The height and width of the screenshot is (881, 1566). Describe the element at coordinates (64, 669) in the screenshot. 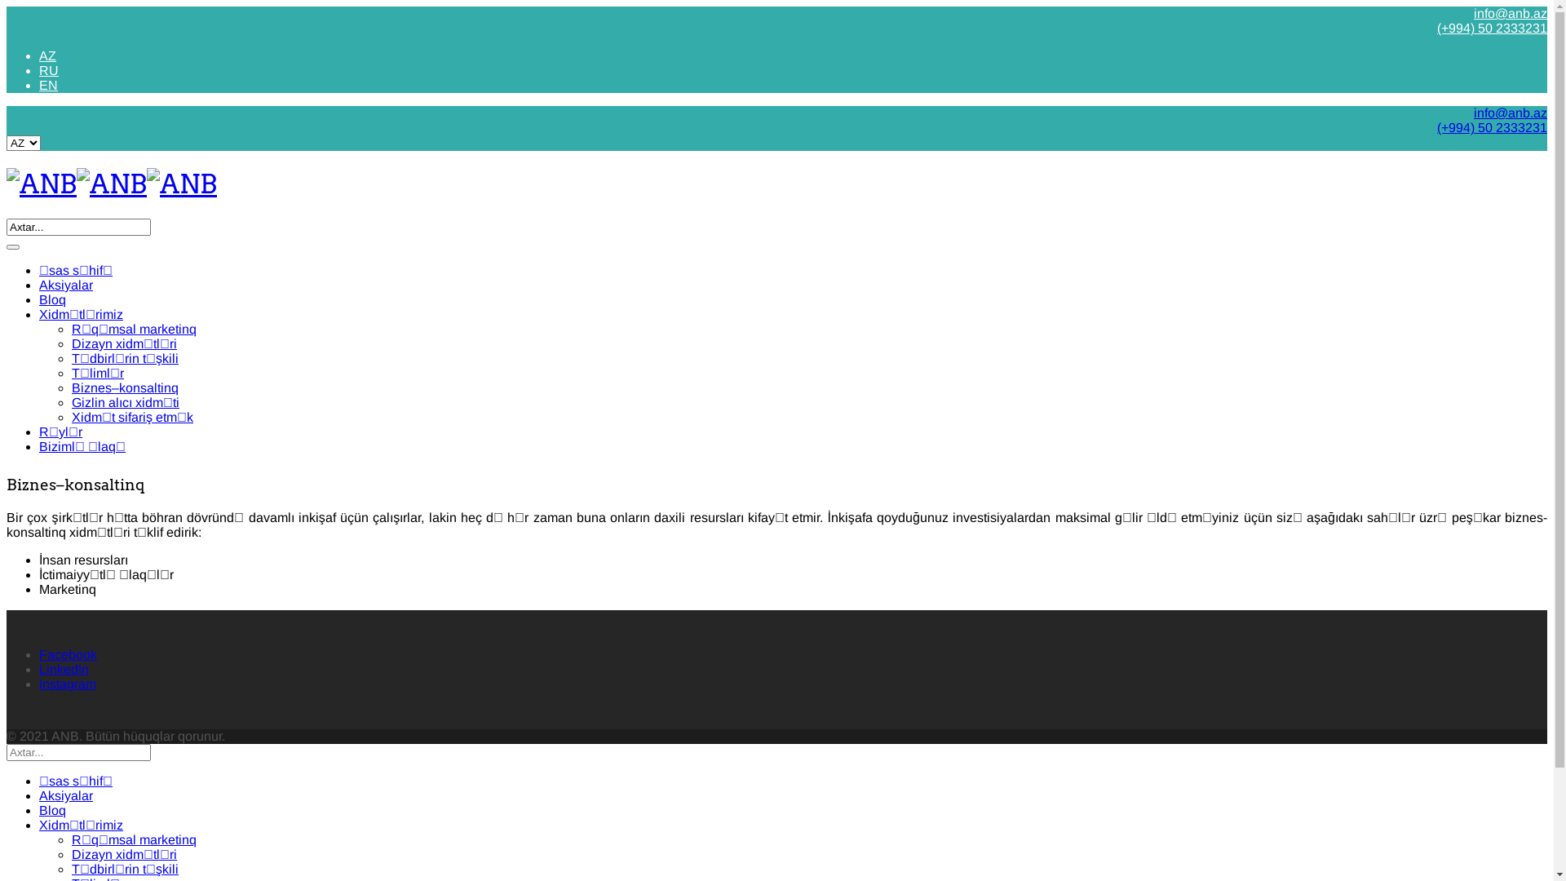

I see `'LinkedIn'` at that location.